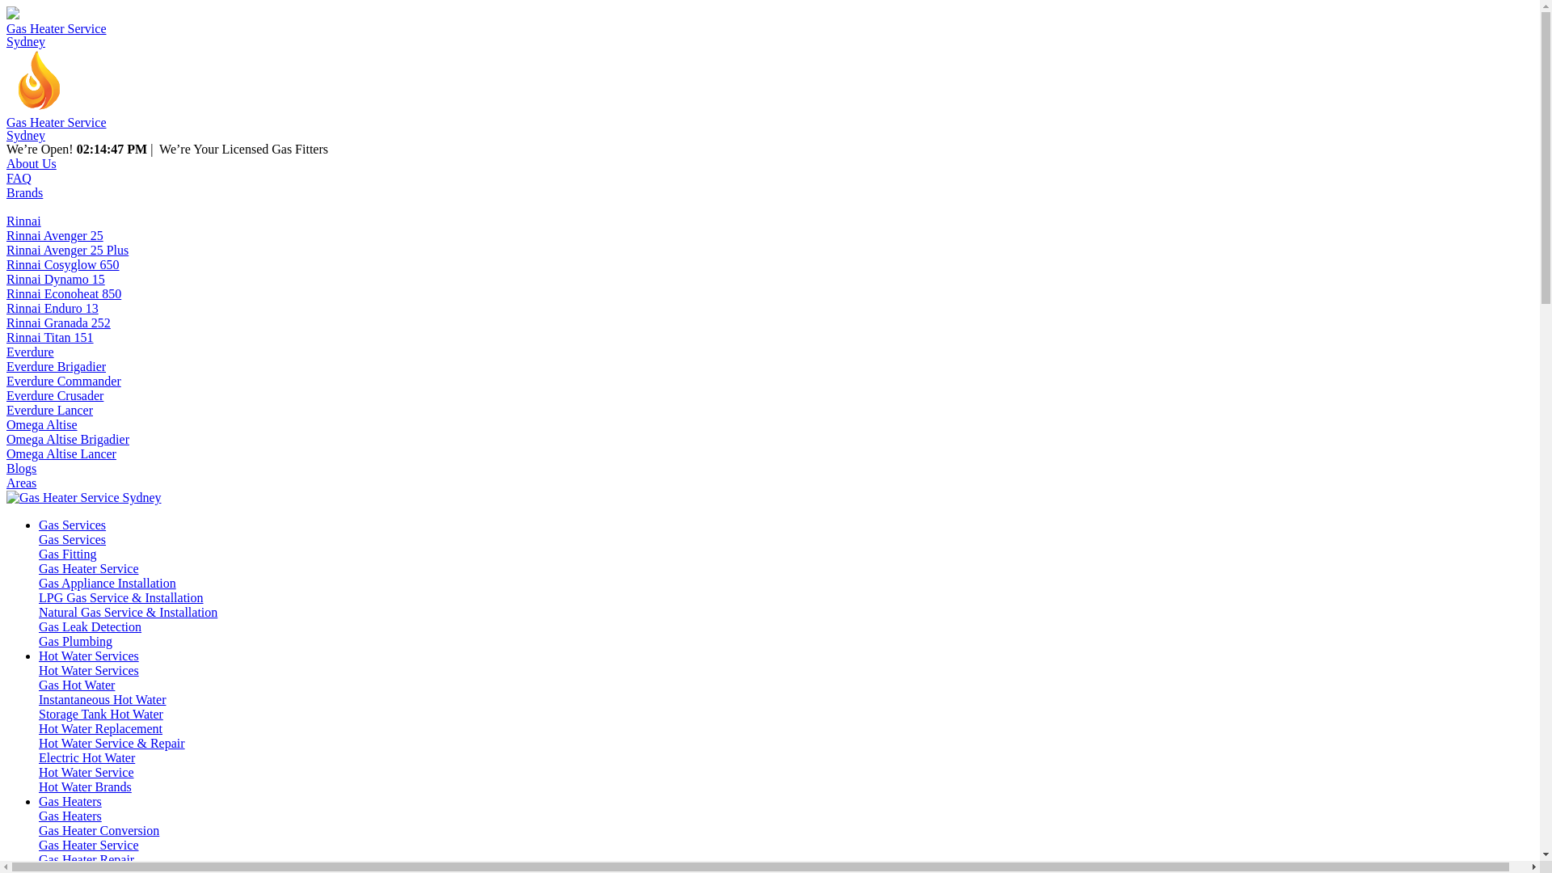 The width and height of the screenshot is (1552, 873). What do you see at coordinates (39, 816) in the screenshot?
I see `'Gas Heaters'` at bounding box center [39, 816].